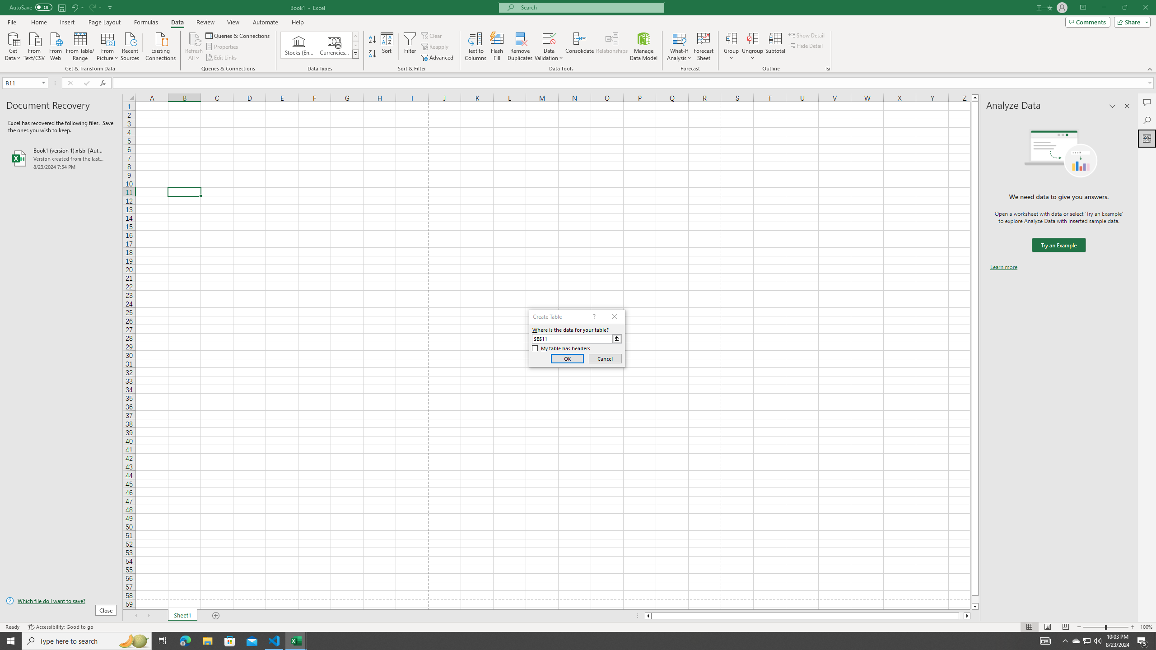 Image resolution: width=1156 pixels, height=650 pixels. Describe the element at coordinates (194, 38) in the screenshot. I see `'Refresh All'` at that location.